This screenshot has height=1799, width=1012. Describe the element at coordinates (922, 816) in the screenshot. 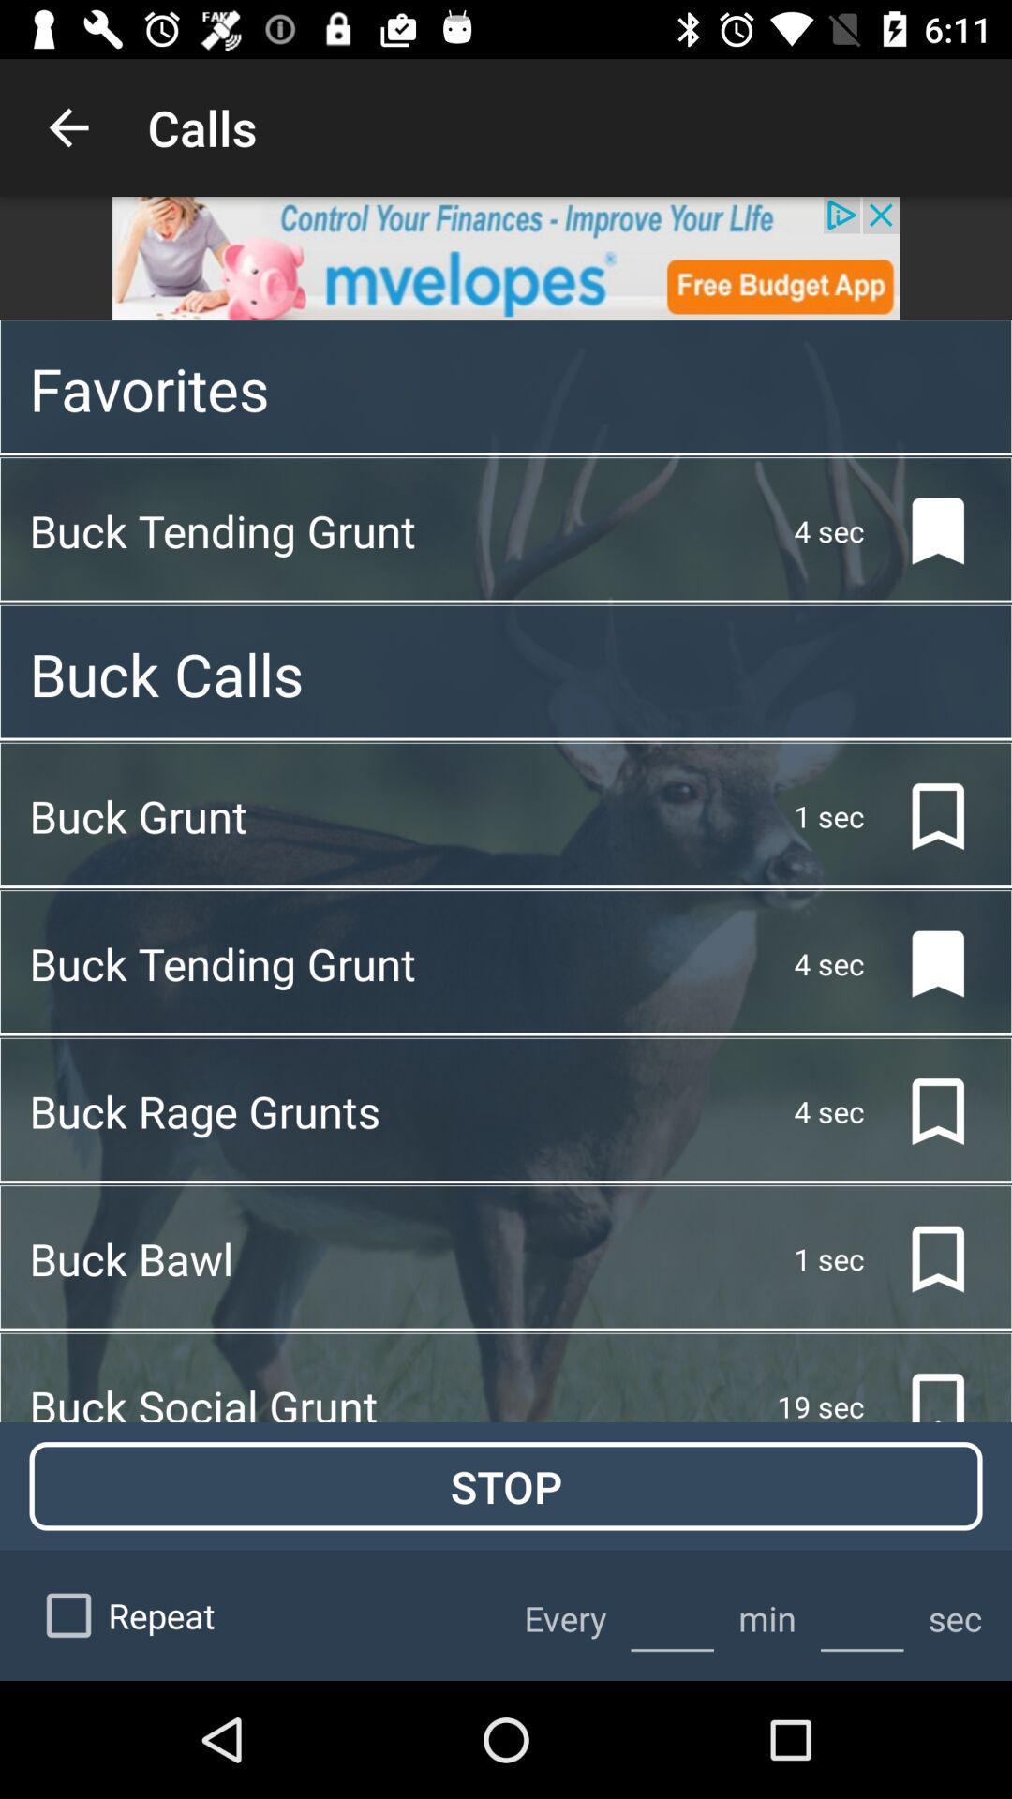

I see `the bookmark icon` at that location.